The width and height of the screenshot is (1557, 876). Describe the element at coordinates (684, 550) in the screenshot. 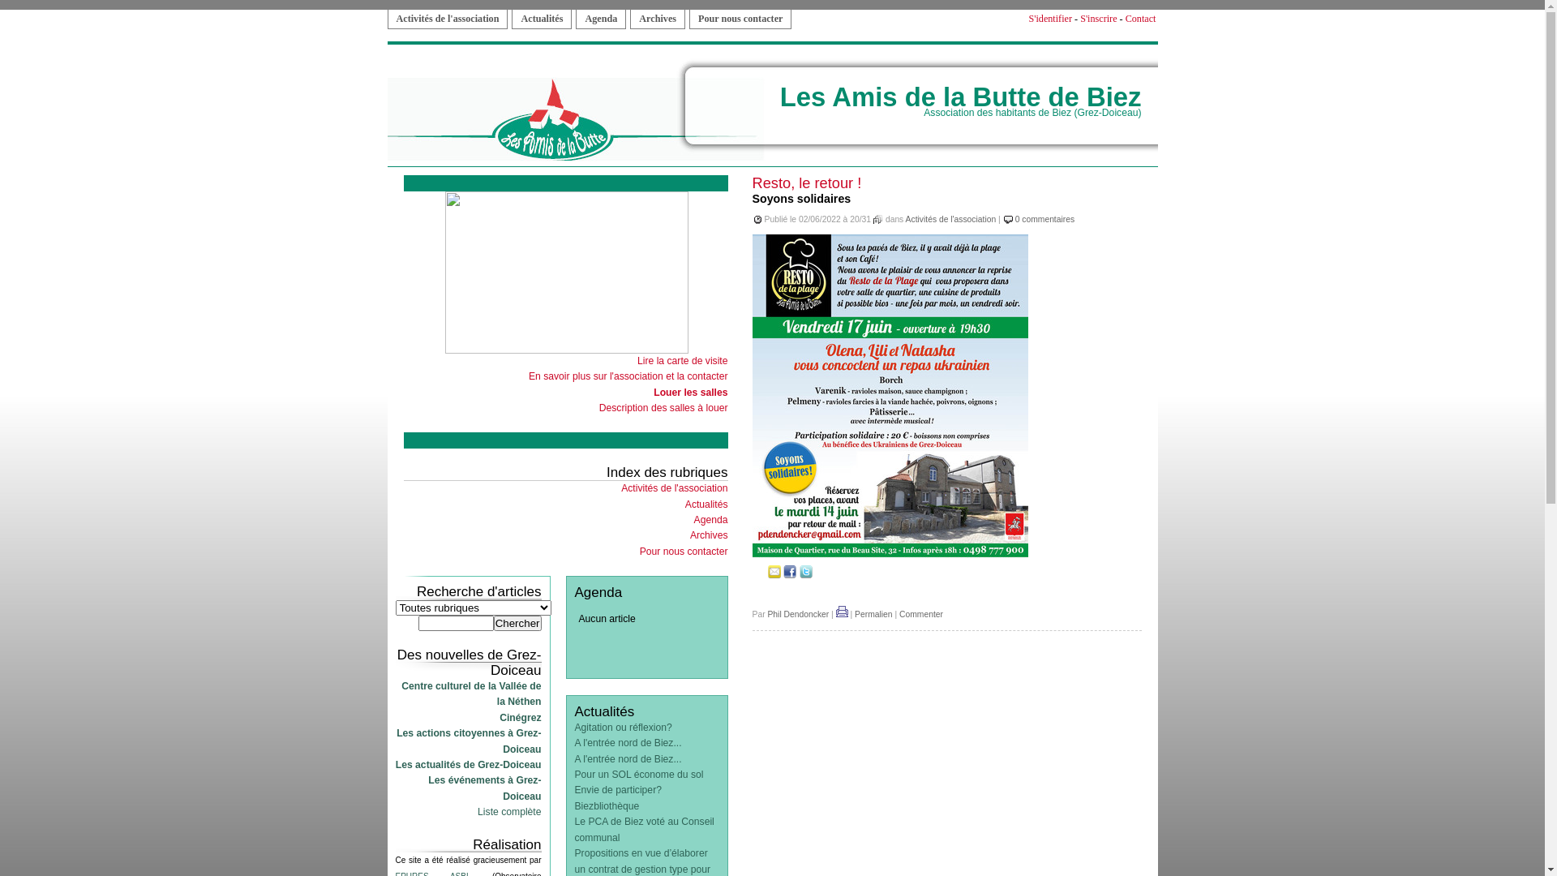

I see `'Pour nous contacter'` at that location.